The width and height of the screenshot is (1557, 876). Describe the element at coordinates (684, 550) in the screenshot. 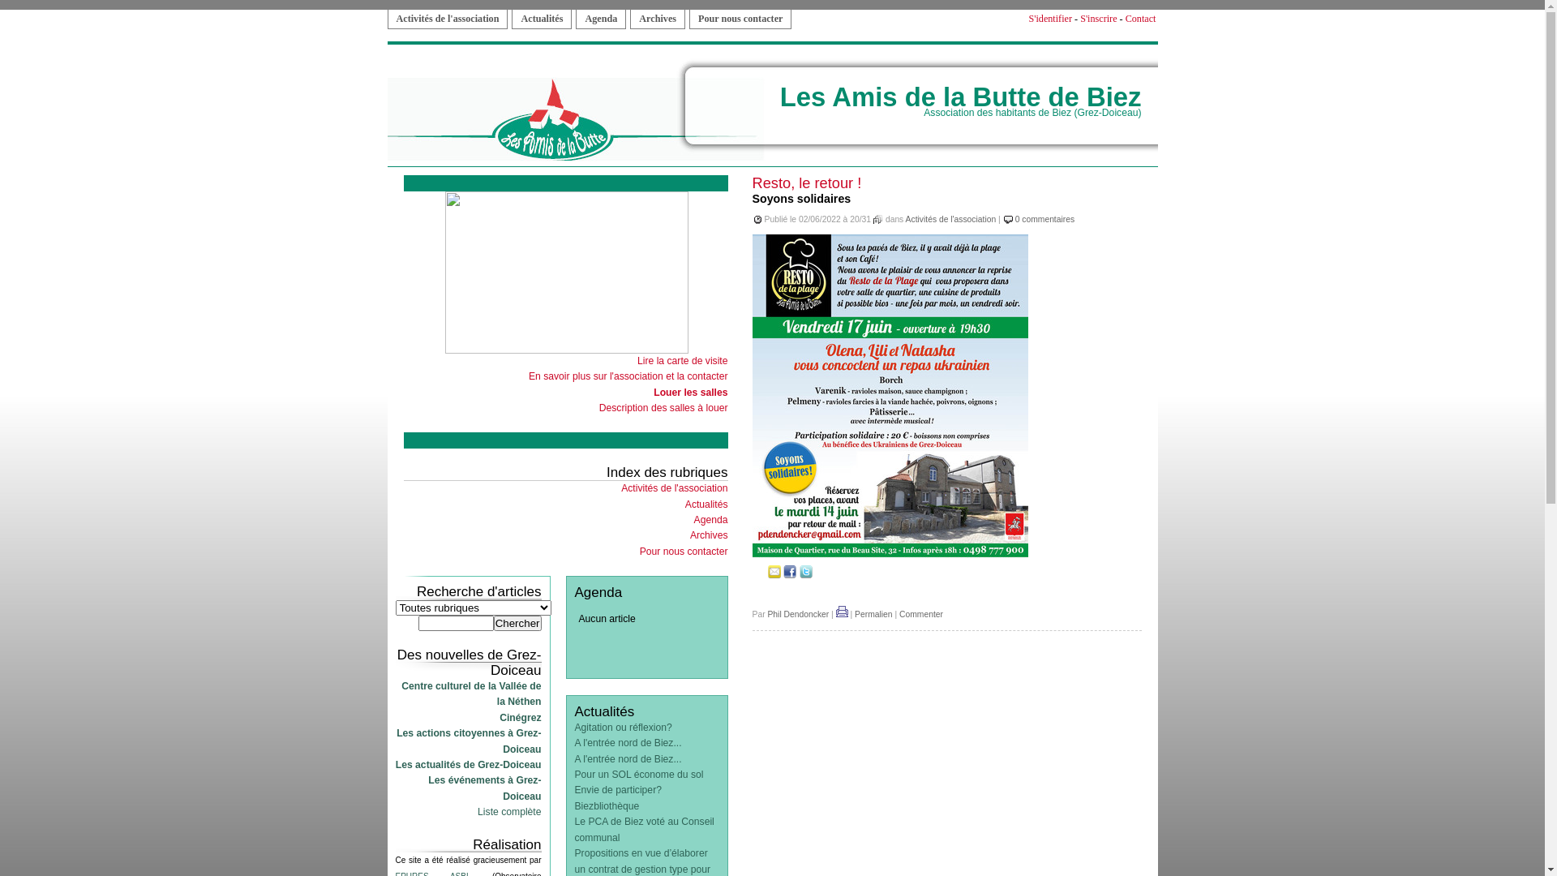

I see `'Pour nous contacter'` at that location.